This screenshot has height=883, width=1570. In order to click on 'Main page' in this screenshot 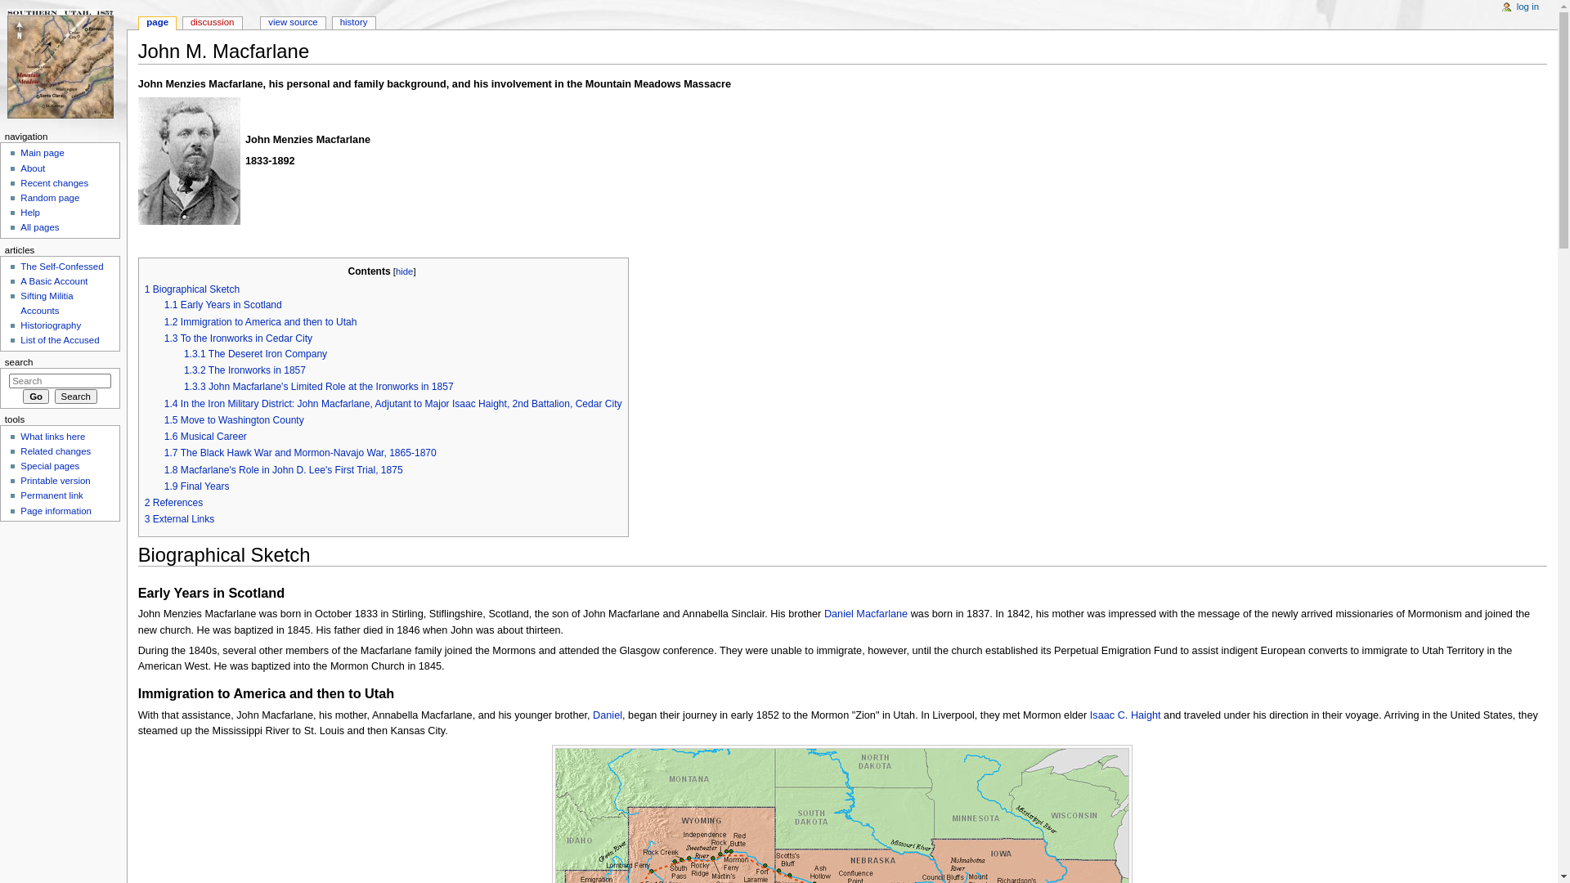, I will do `click(43, 152)`.